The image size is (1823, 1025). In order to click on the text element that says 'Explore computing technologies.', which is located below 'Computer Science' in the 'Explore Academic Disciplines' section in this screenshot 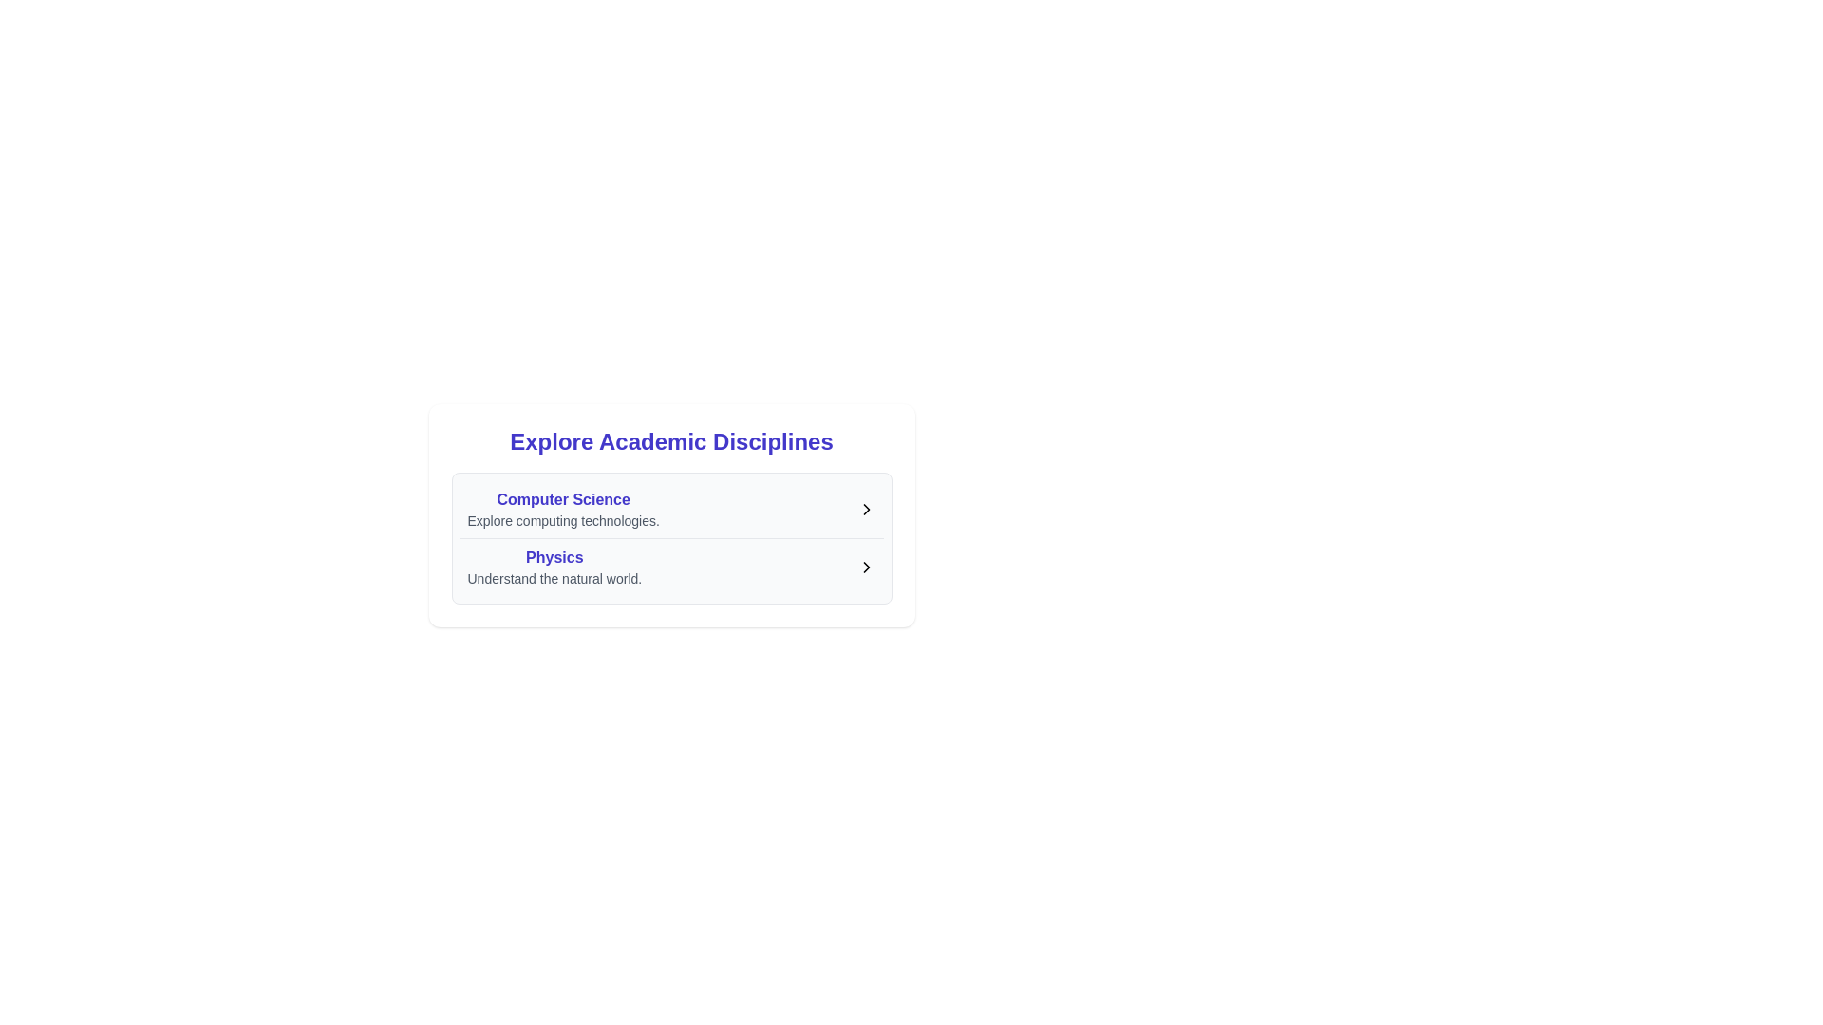, I will do `click(562, 520)`.